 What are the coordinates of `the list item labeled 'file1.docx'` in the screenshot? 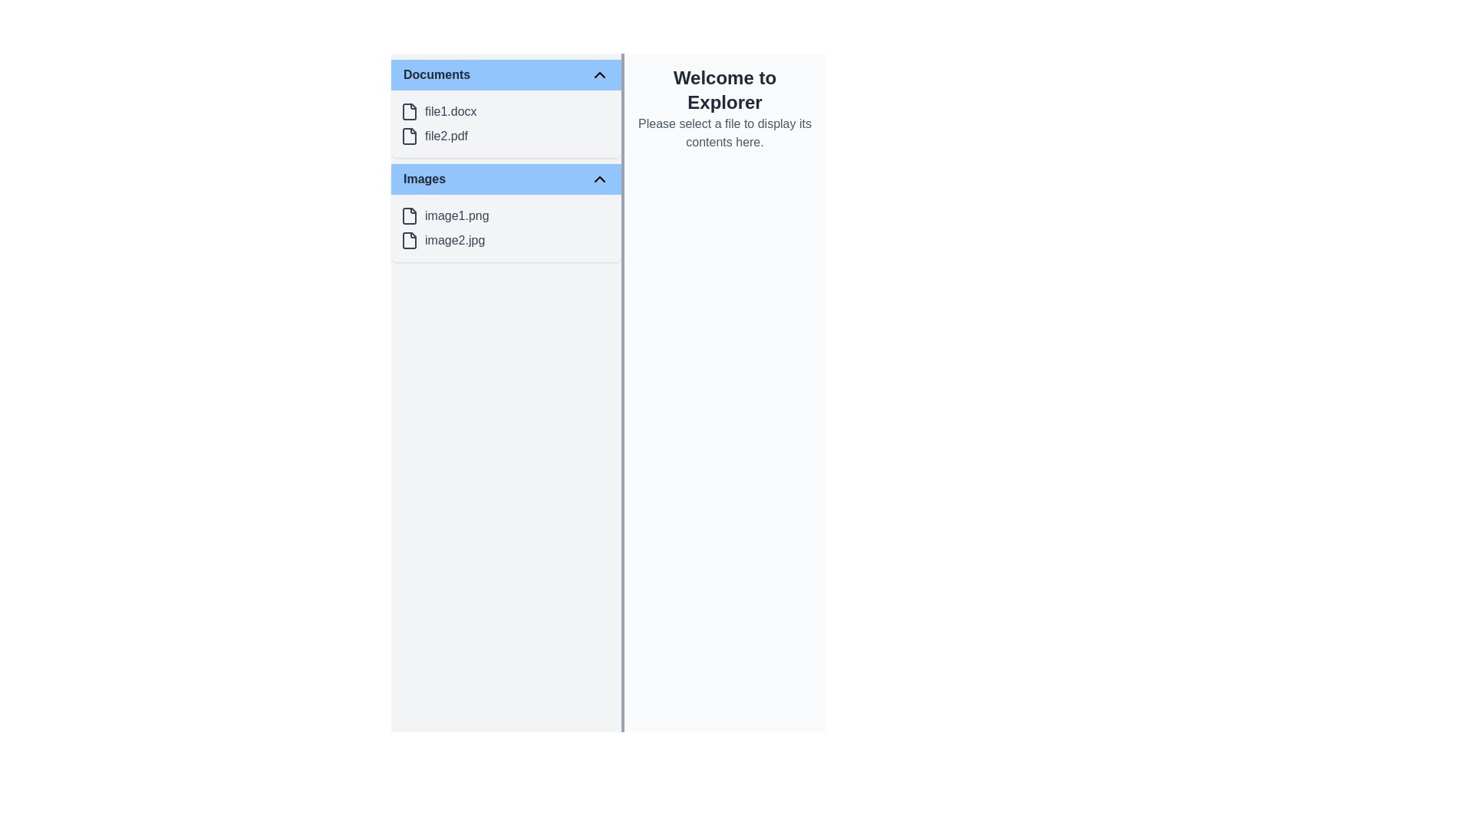 It's located at (506, 111).